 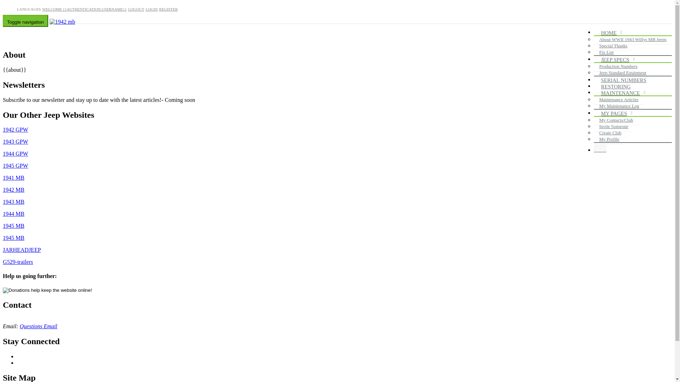 I want to click on 'Maintenance Articles', so click(x=618, y=99).